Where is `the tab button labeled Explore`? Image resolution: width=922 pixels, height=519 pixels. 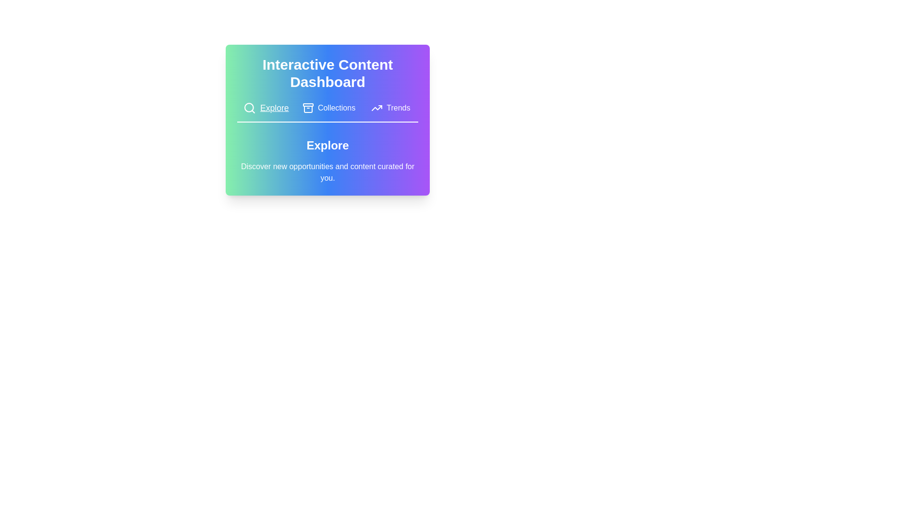 the tab button labeled Explore is located at coordinates (266, 108).